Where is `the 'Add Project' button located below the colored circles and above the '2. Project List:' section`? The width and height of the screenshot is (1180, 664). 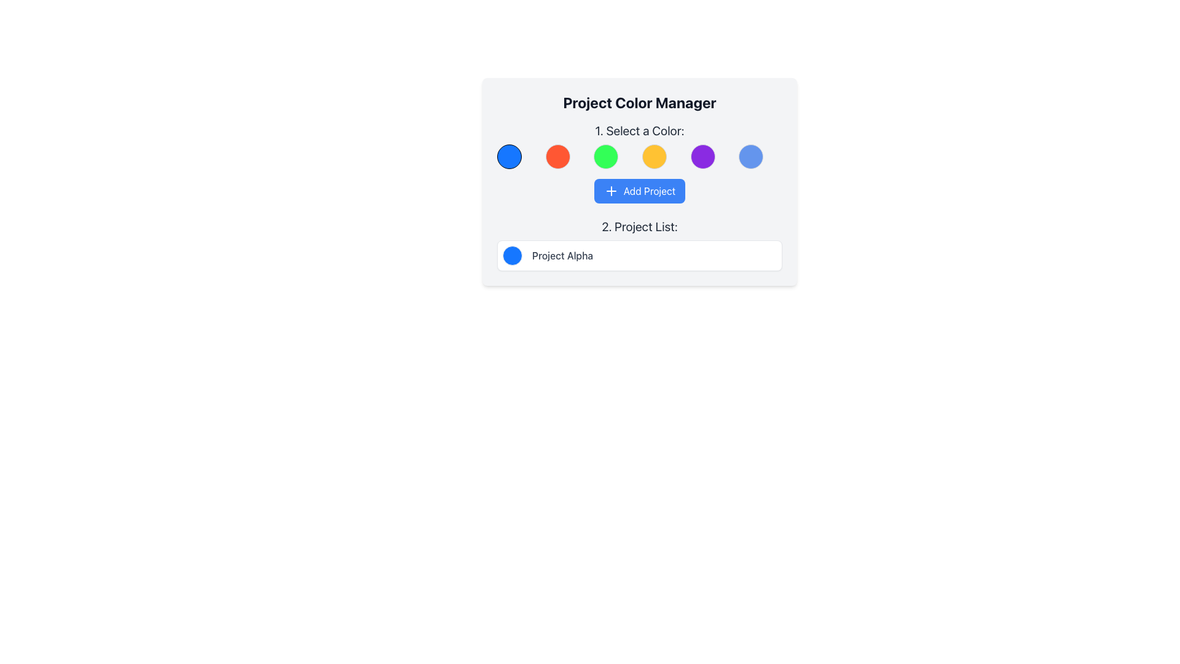
the 'Add Project' button located below the colored circles and above the '2. Project List:' section is located at coordinates (639, 191).